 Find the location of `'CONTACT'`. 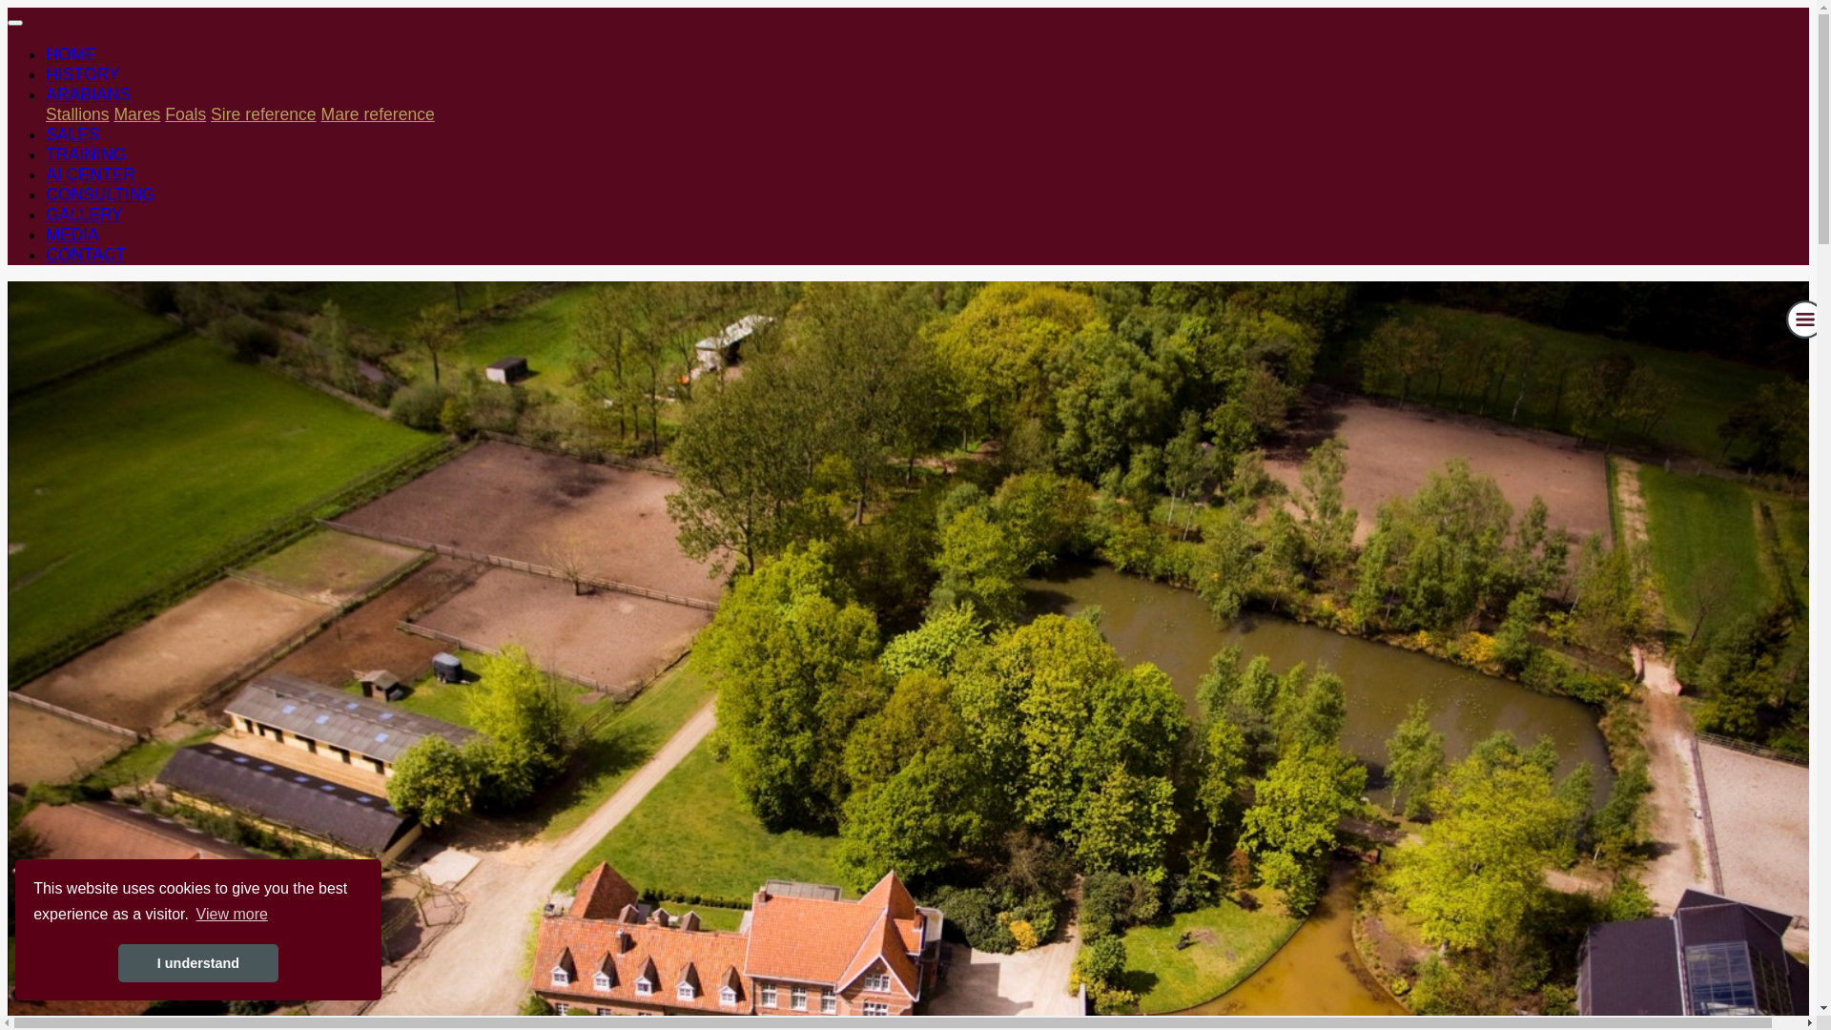

'CONTACT' is located at coordinates (85, 253).